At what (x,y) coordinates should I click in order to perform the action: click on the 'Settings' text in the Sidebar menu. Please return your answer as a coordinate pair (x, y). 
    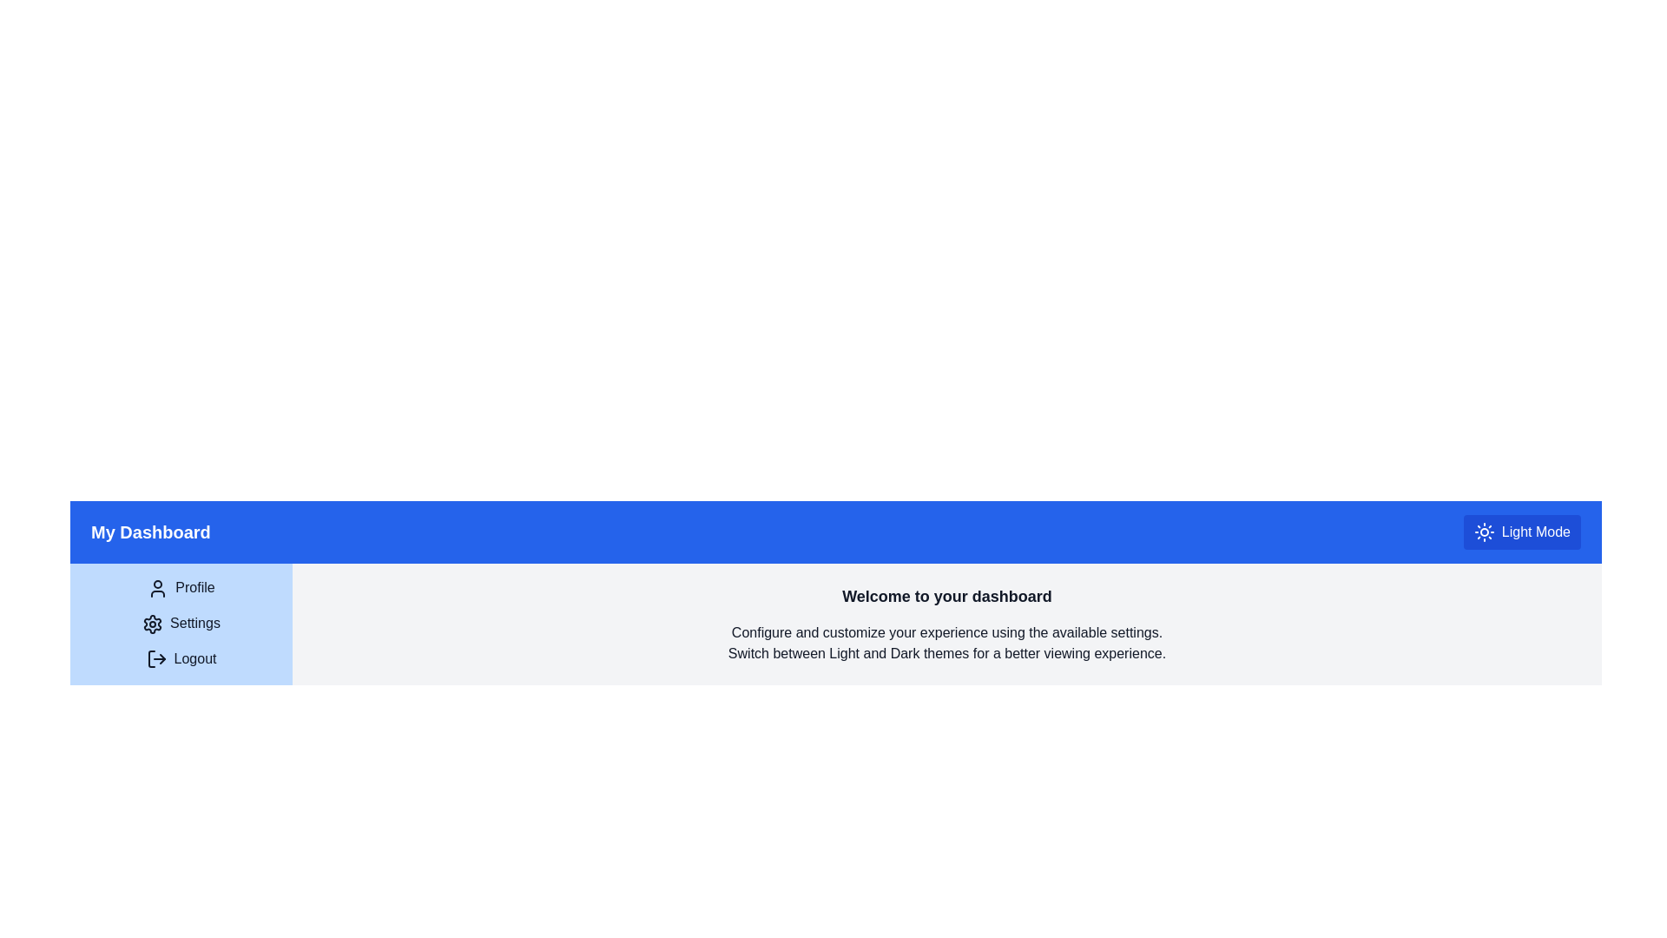
    Looking at the image, I should click on (181, 623).